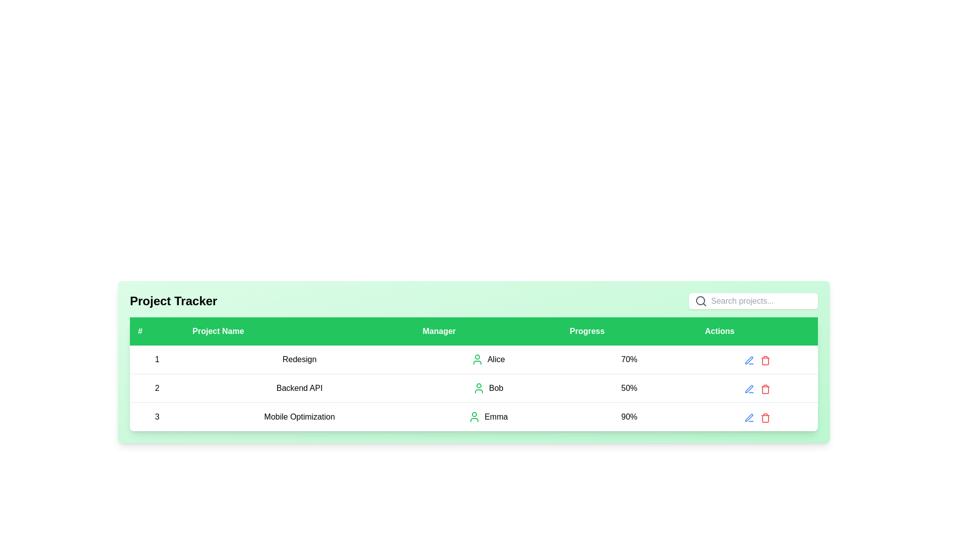  What do you see at coordinates (473, 417) in the screenshot?
I see `the green stylized human figure icon` at bounding box center [473, 417].